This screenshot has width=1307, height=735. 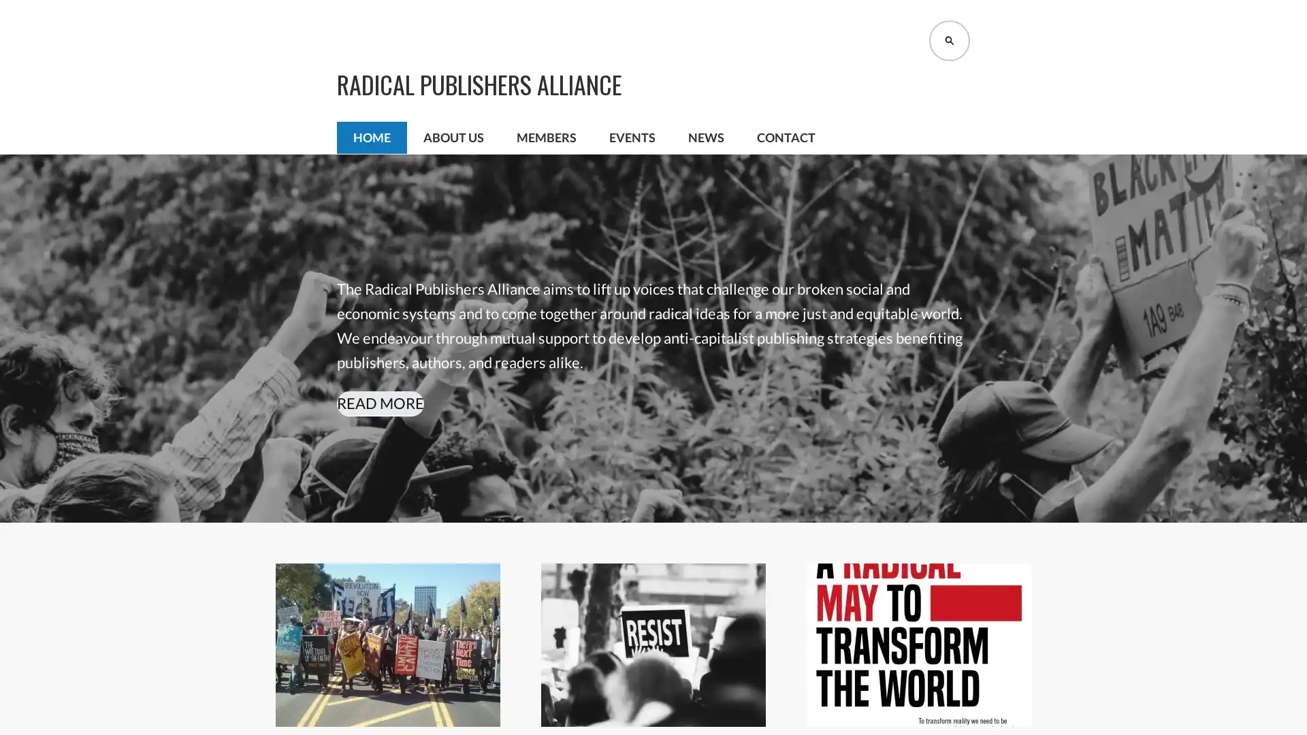 I want to click on SEARCH, so click(x=949, y=40).